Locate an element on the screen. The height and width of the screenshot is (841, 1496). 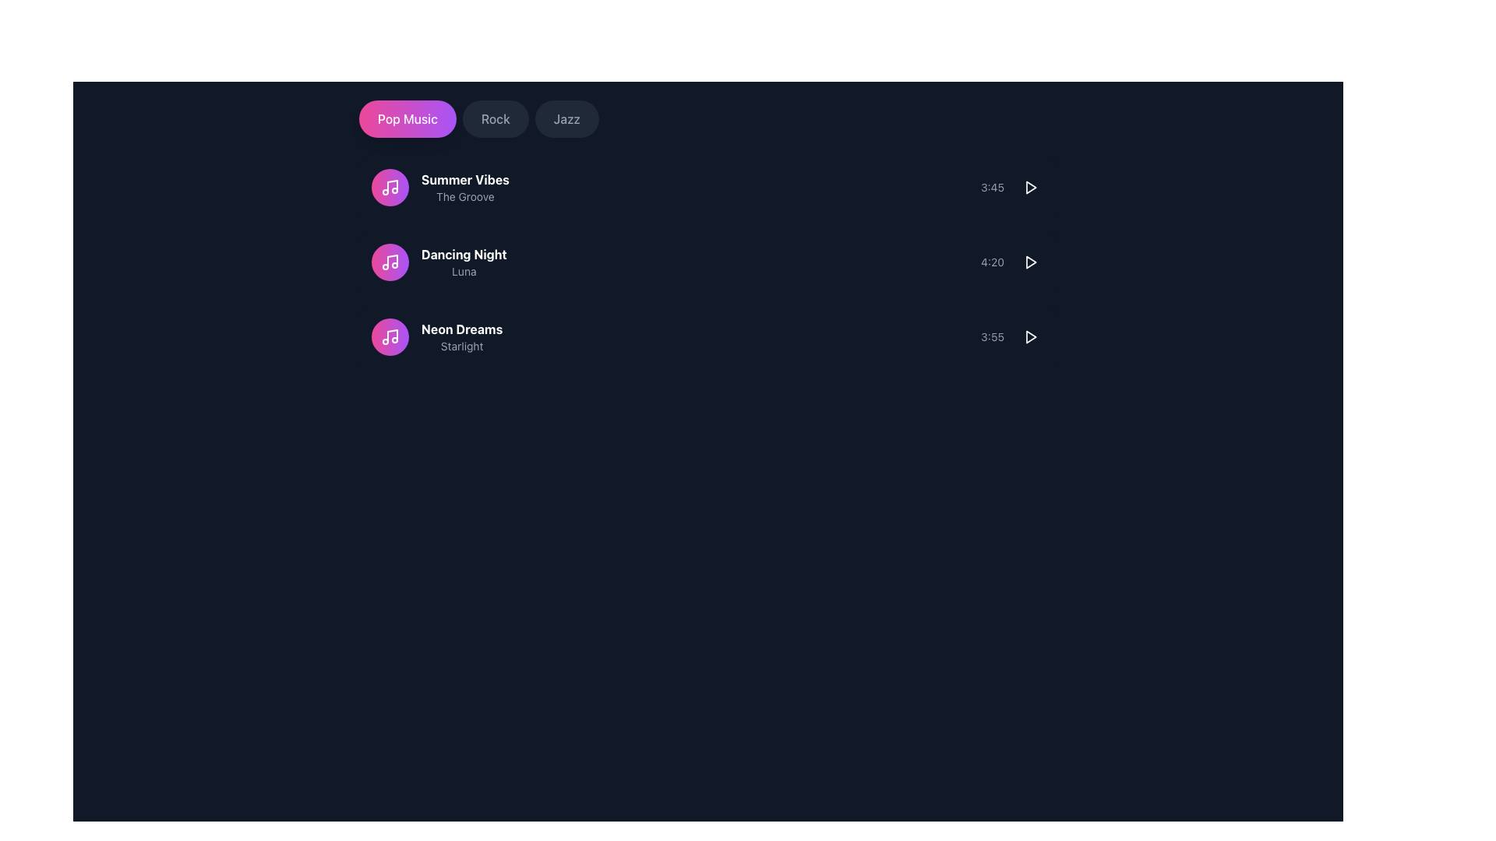
the play button for the song 'Neon Dreams' is located at coordinates (1013, 336).